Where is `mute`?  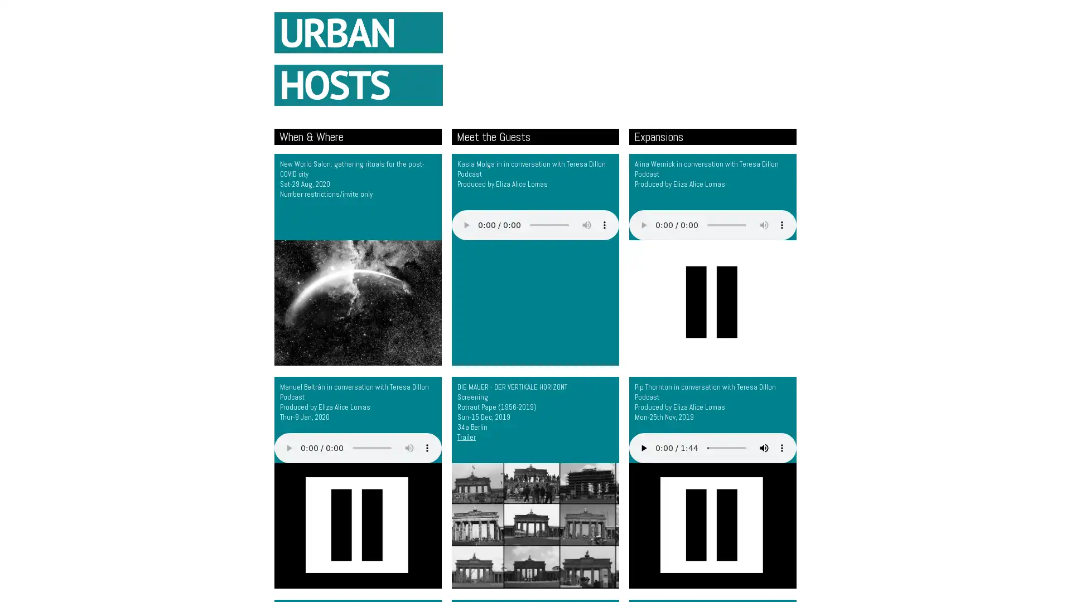
mute is located at coordinates (763, 447).